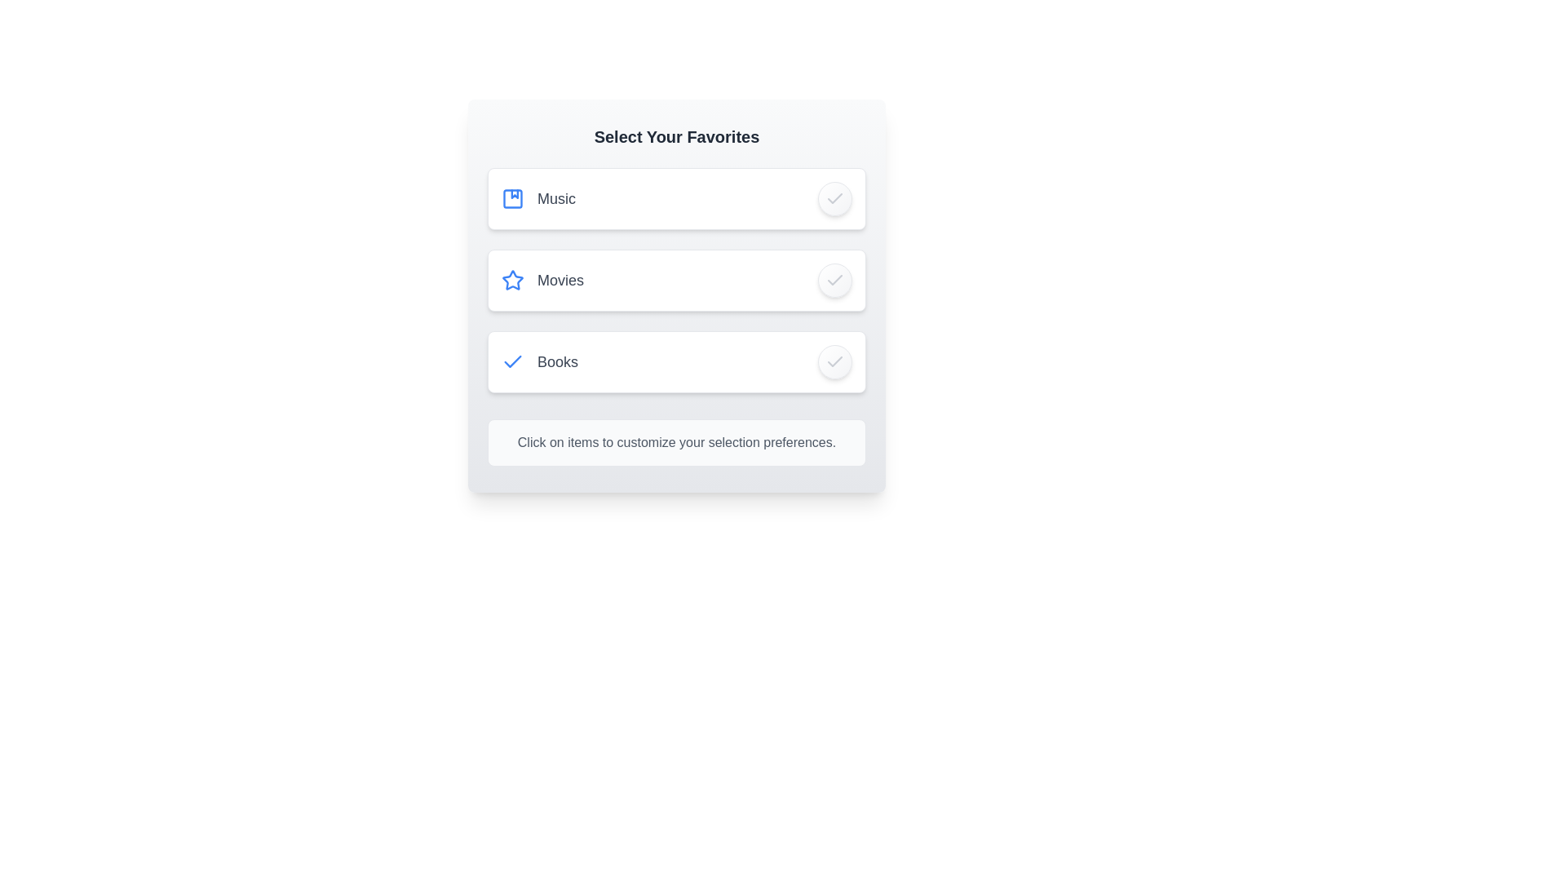 This screenshot has width=1566, height=881. What do you see at coordinates (542, 279) in the screenshot?
I see `the 'Movies' selectable option in the vertically stacked list` at bounding box center [542, 279].